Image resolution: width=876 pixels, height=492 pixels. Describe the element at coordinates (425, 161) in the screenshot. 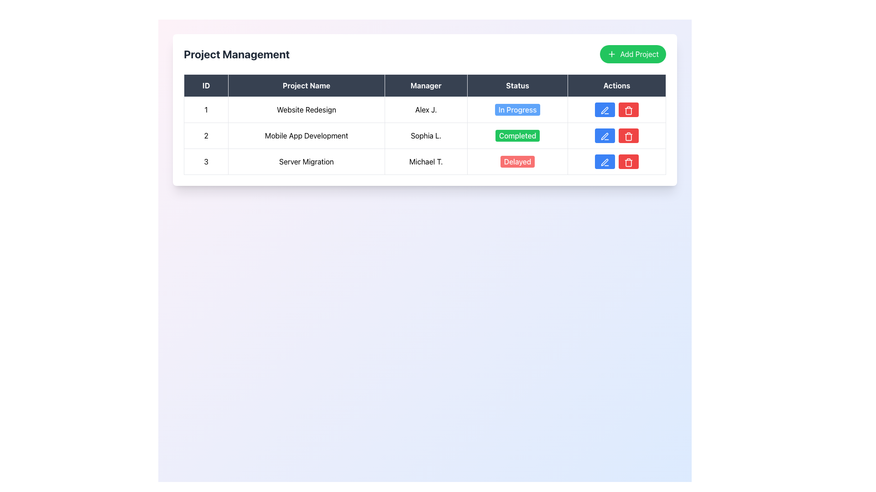

I see `the text label displaying the manager name 'Michael T.' in the project management table to trigger a tooltip or highlight effect` at that location.